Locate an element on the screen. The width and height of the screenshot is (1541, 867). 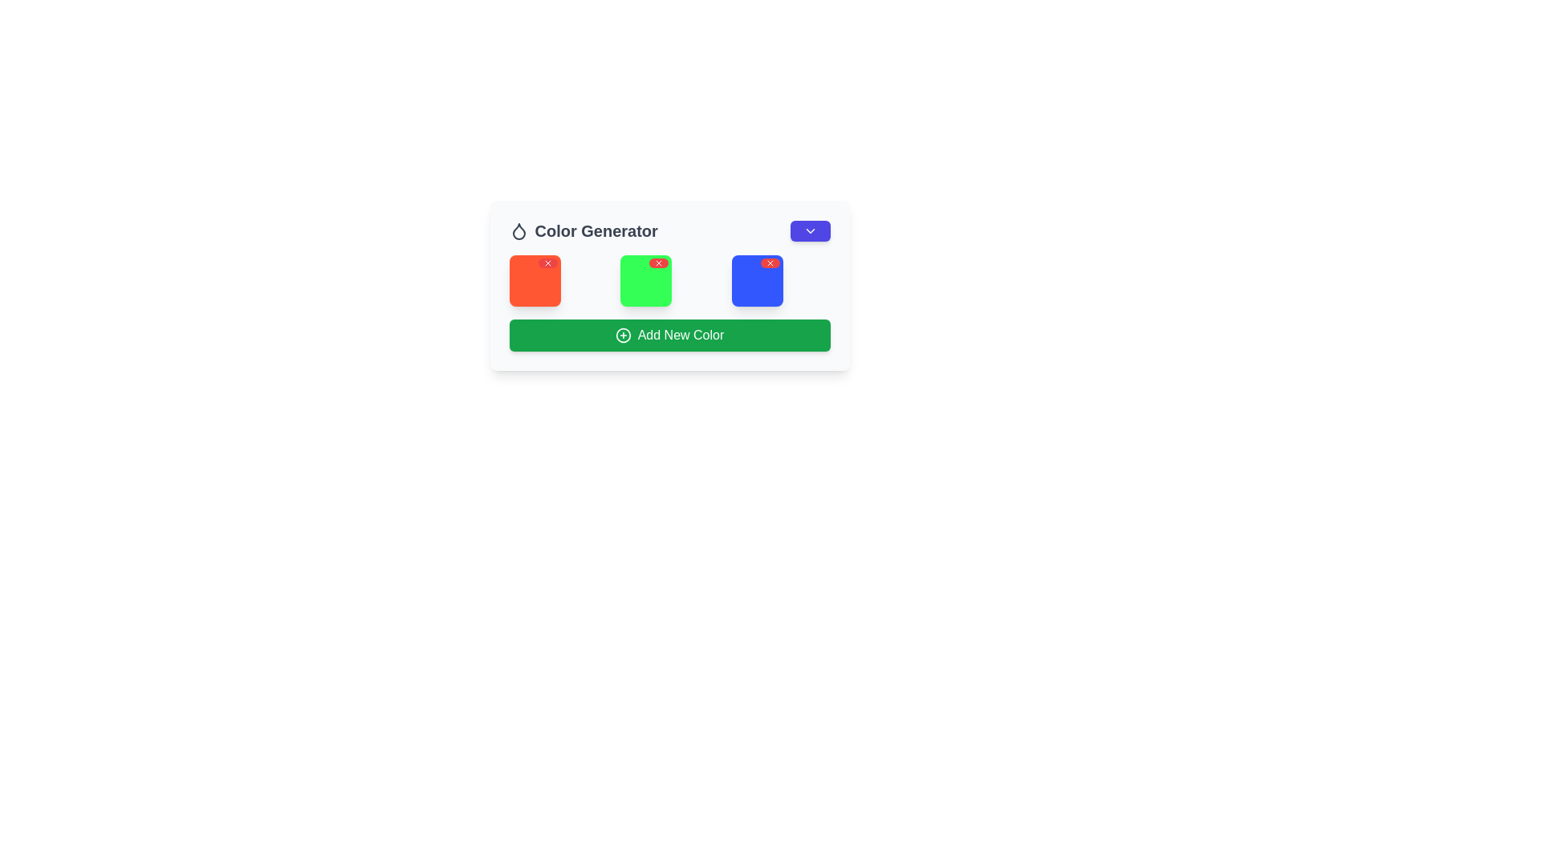
the droplet icon representing the 'Color Generator' functionality, located in the header component before the text 'Color Generator' is located at coordinates (518, 231).